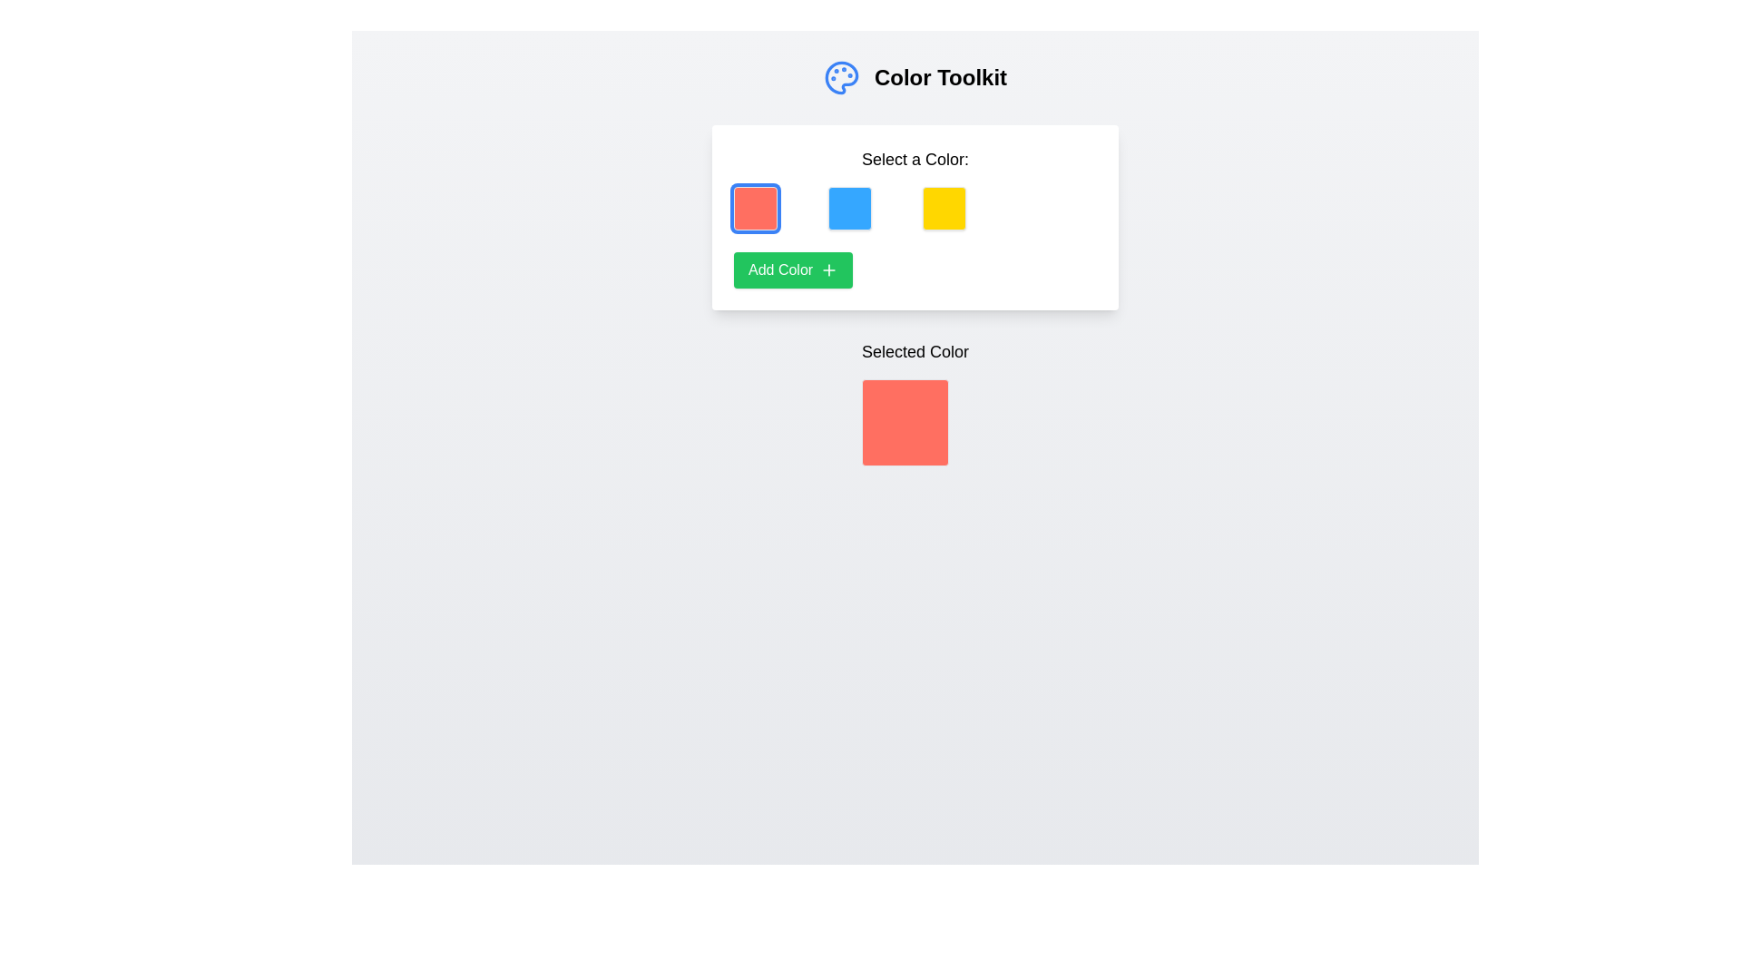 This screenshot has width=1742, height=980. What do you see at coordinates (905, 423) in the screenshot?
I see `the color displayed in the square Visual display area with rounded corners and a solid red background, located centrally below the title 'Selected Color'` at bounding box center [905, 423].